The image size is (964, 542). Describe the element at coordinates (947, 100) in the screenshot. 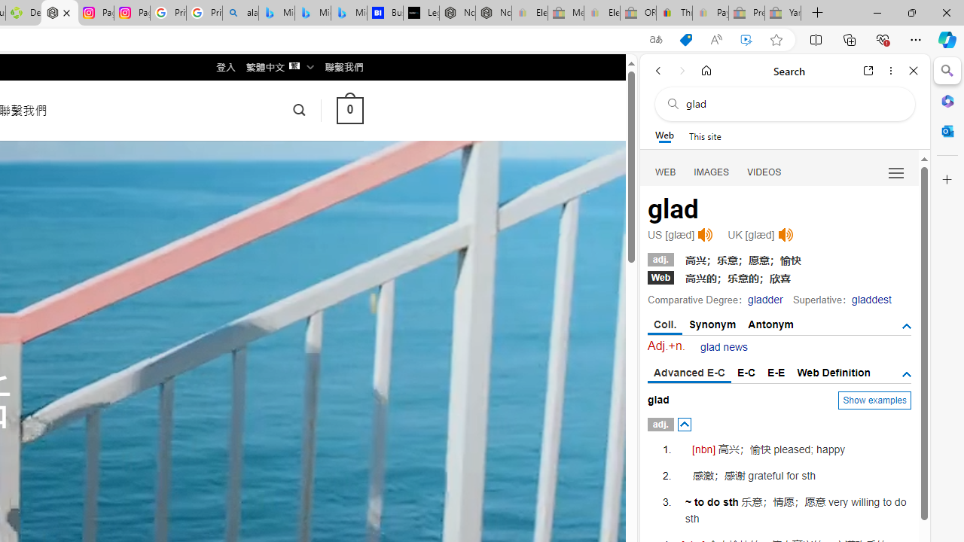

I see `'Microsoft 365'` at that location.